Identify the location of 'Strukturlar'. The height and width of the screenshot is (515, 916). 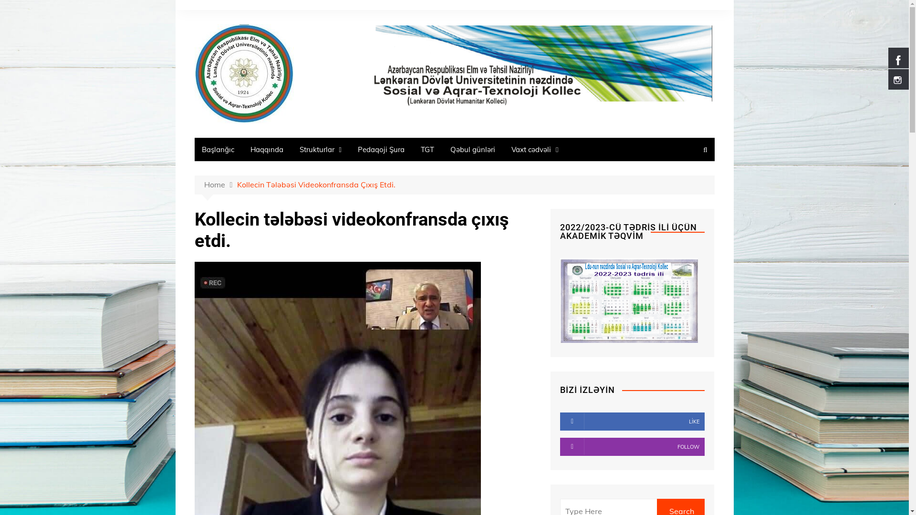
(320, 149).